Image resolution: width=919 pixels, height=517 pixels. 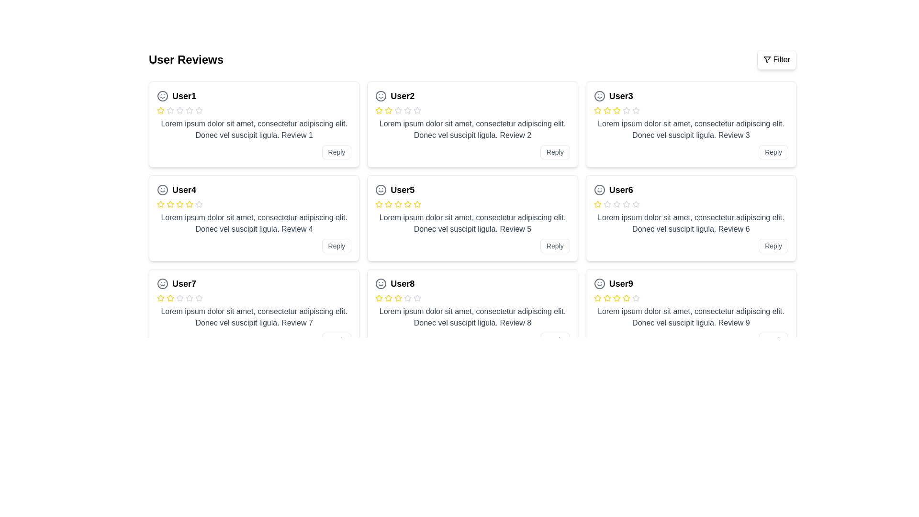 What do you see at coordinates (417, 204) in the screenshot?
I see `the fifth star icon in the rating component` at bounding box center [417, 204].